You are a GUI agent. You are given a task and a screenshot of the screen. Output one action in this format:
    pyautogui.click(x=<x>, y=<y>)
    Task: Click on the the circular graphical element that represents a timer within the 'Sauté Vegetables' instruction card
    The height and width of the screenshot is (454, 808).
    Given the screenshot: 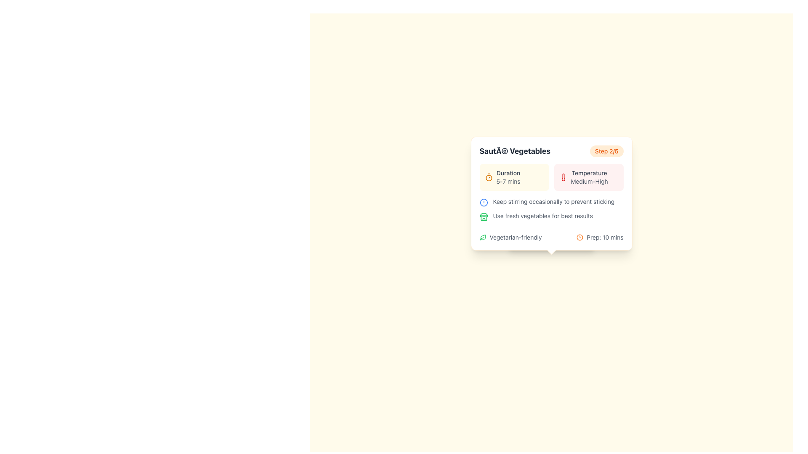 What is the action you would take?
    pyautogui.click(x=489, y=177)
    